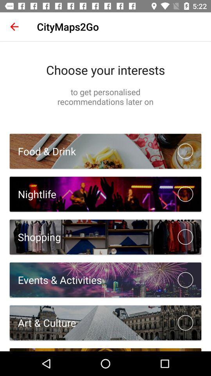  I want to click on item to the left of the citymaps2go icon, so click(14, 27).